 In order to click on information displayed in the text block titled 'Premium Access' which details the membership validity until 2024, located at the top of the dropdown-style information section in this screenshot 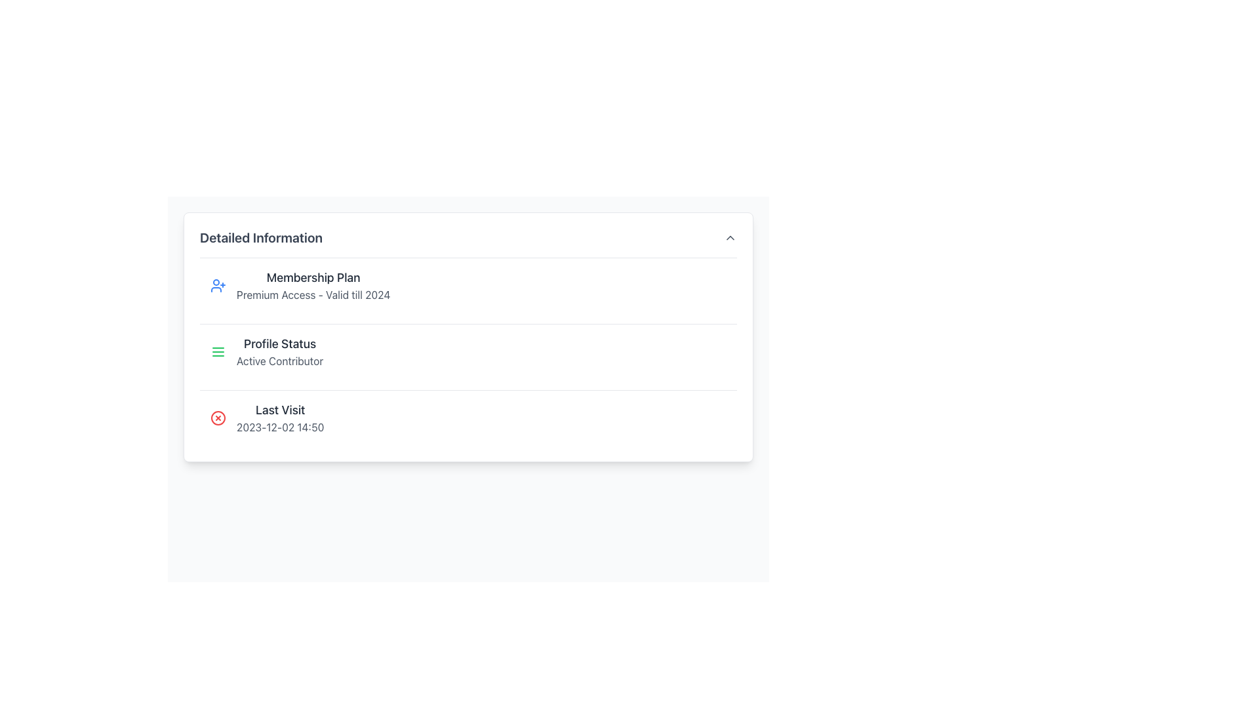, I will do `click(313, 285)`.